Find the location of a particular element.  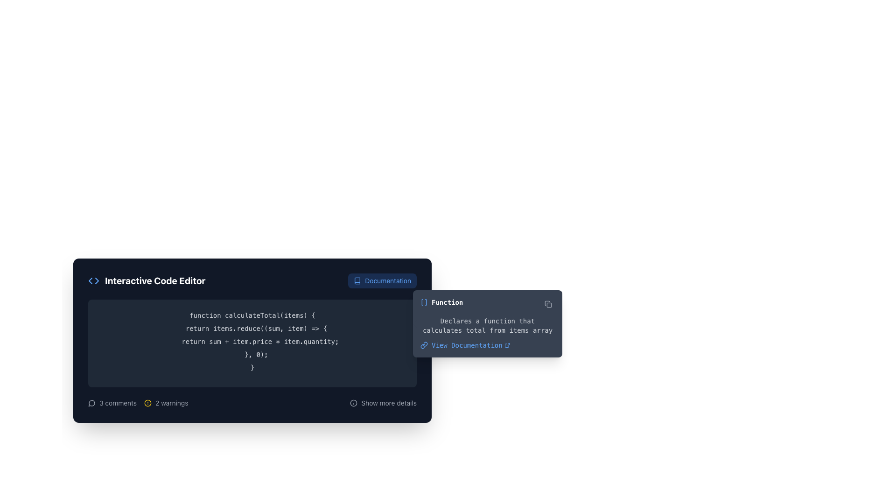

the 'Documentation' button, which is a rectangular button with a blue document icon on the left side, located to the right of the 'Interactive Code Editor' title is located at coordinates (382, 280).